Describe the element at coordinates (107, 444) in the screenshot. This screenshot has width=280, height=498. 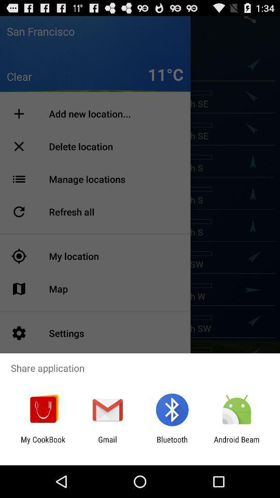
I see `the item next to my cookbook app` at that location.